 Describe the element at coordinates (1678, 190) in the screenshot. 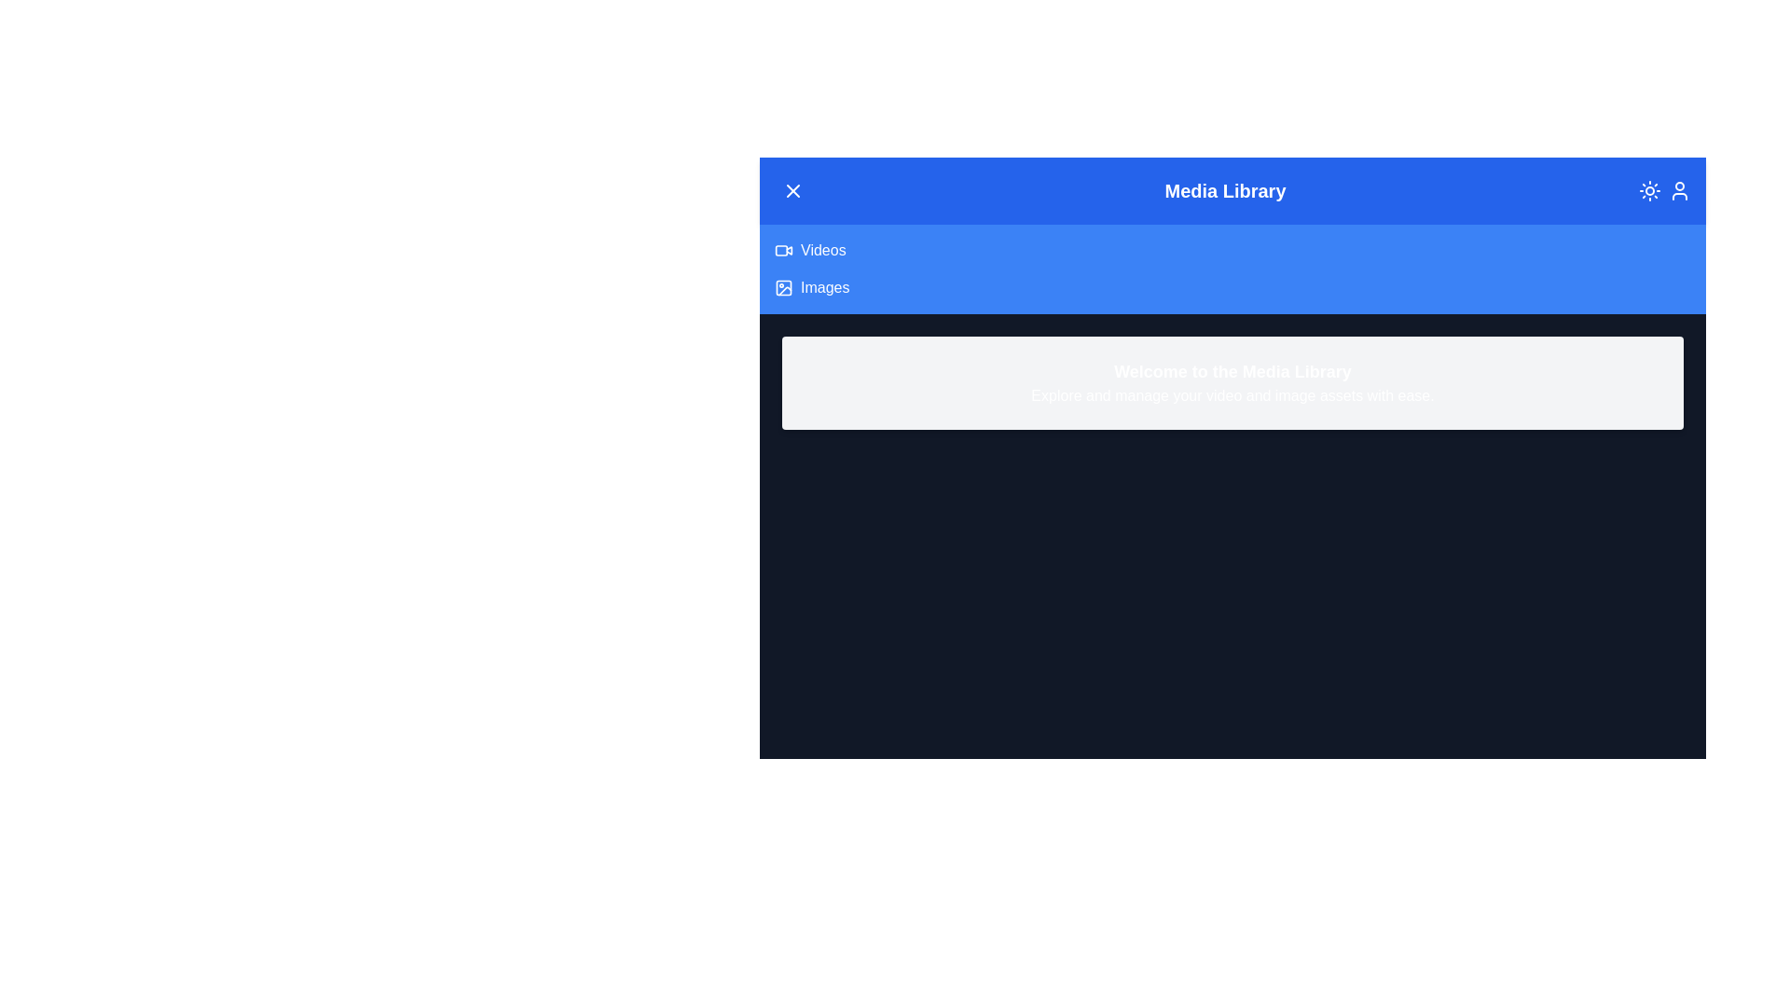

I see `the user profile icon in the top-right corner of the app bar to access user profile options` at that location.